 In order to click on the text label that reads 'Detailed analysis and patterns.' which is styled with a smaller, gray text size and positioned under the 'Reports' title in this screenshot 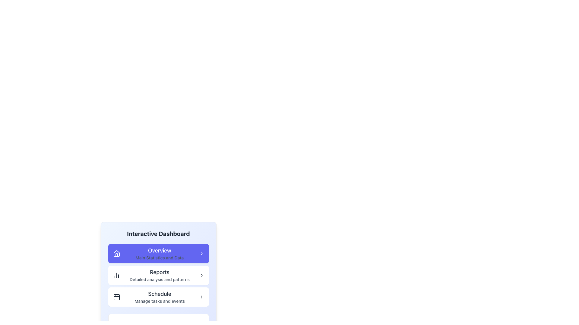, I will do `click(160, 280)`.